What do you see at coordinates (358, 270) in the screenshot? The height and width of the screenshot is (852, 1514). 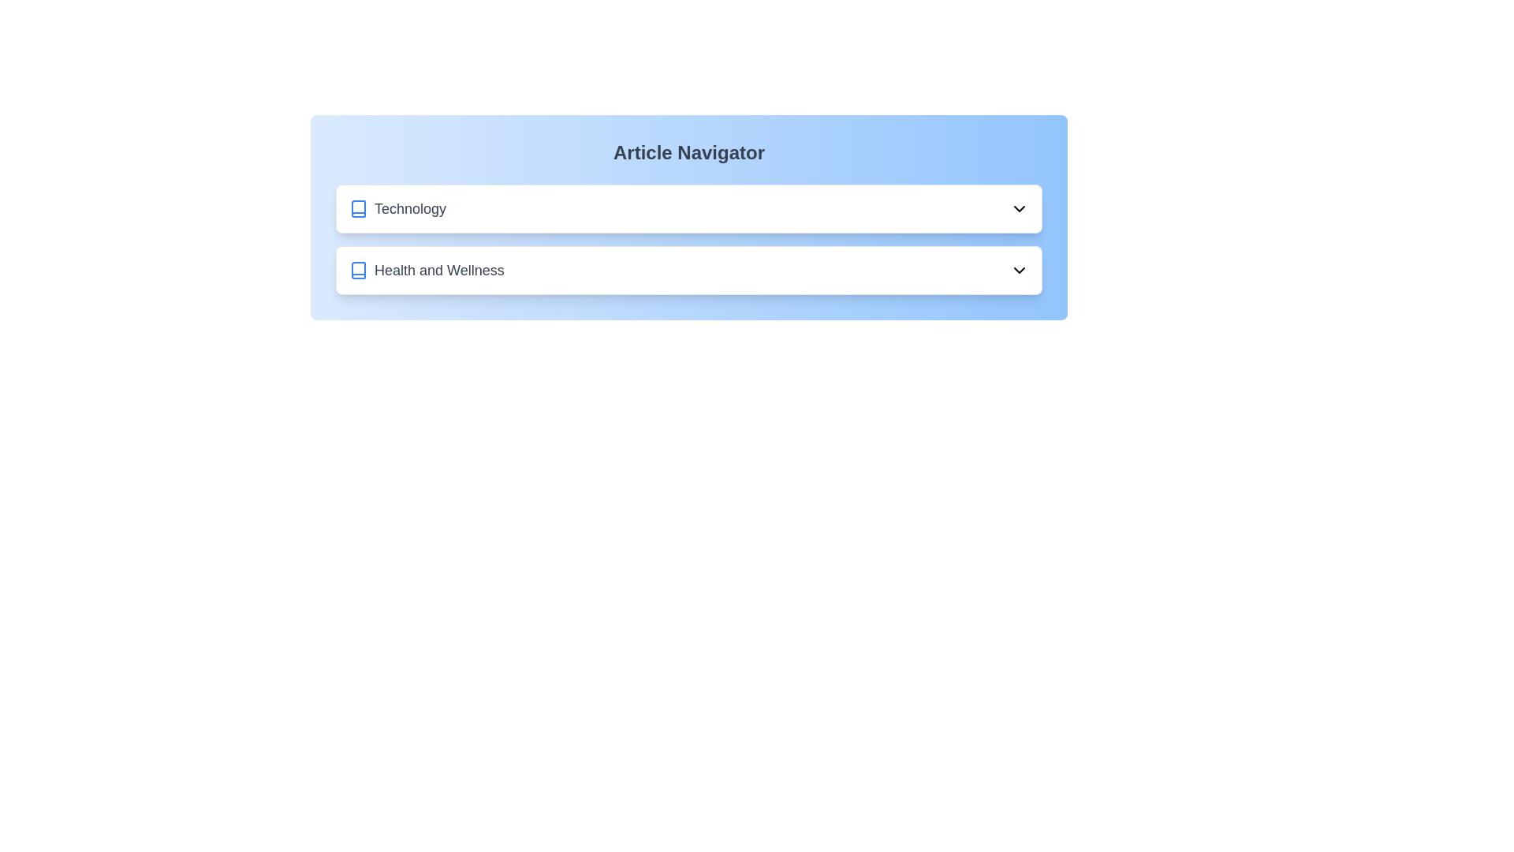 I see `the blue stroke line book icon located in the second row of the Article Navigator, aligned with the text 'Health and Wellness'` at bounding box center [358, 270].